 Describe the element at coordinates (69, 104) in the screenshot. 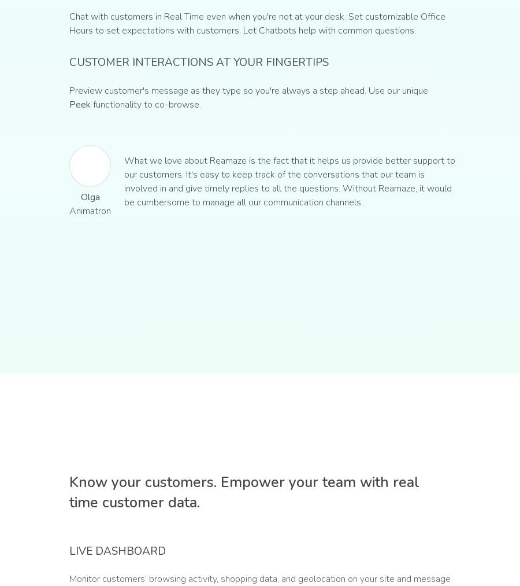

I see `'Peek'` at that location.